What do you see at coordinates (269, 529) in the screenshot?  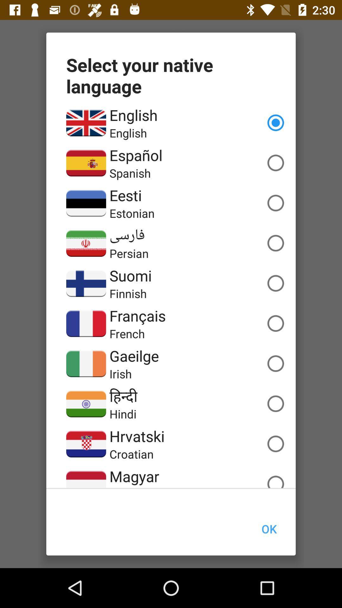 I see `ok icon` at bounding box center [269, 529].